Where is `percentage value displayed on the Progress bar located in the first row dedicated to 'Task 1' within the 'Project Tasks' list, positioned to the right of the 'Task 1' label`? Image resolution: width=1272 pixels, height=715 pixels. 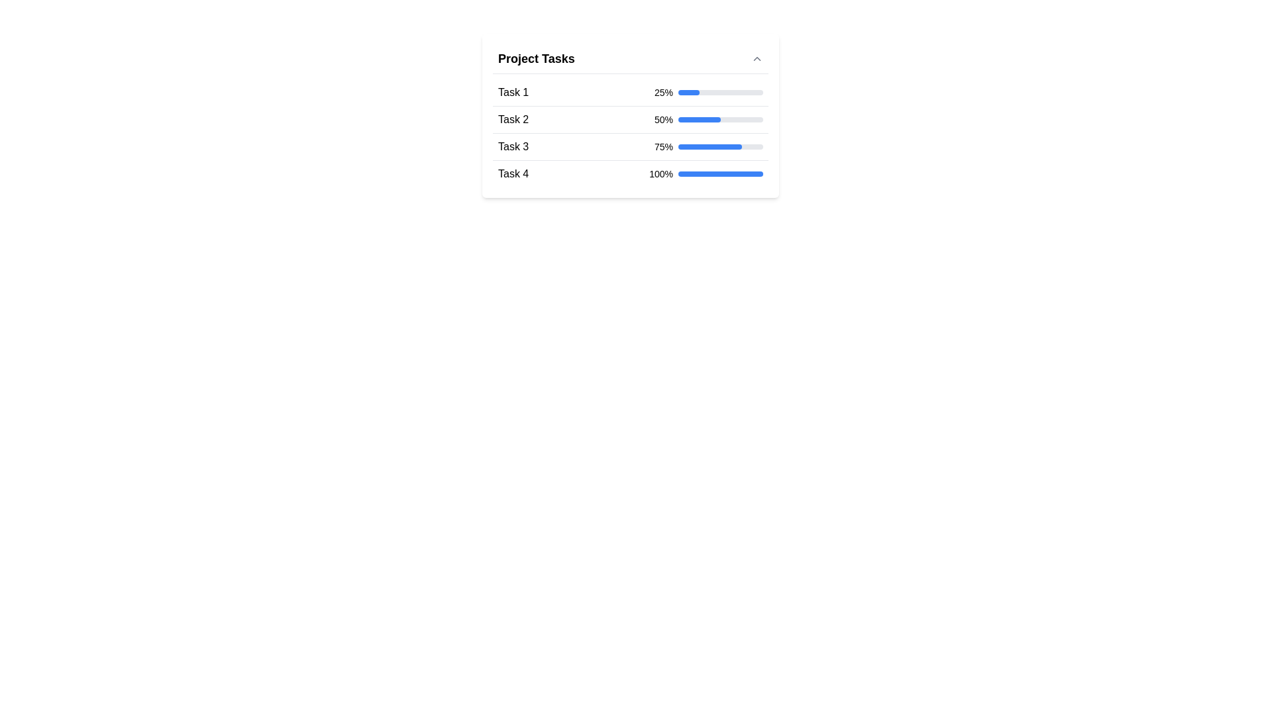
percentage value displayed on the Progress bar located in the first row dedicated to 'Task 1' within the 'Project Tasks' list, positioned to the right of the 'Task 1' label is located at coordinates (708, 91).